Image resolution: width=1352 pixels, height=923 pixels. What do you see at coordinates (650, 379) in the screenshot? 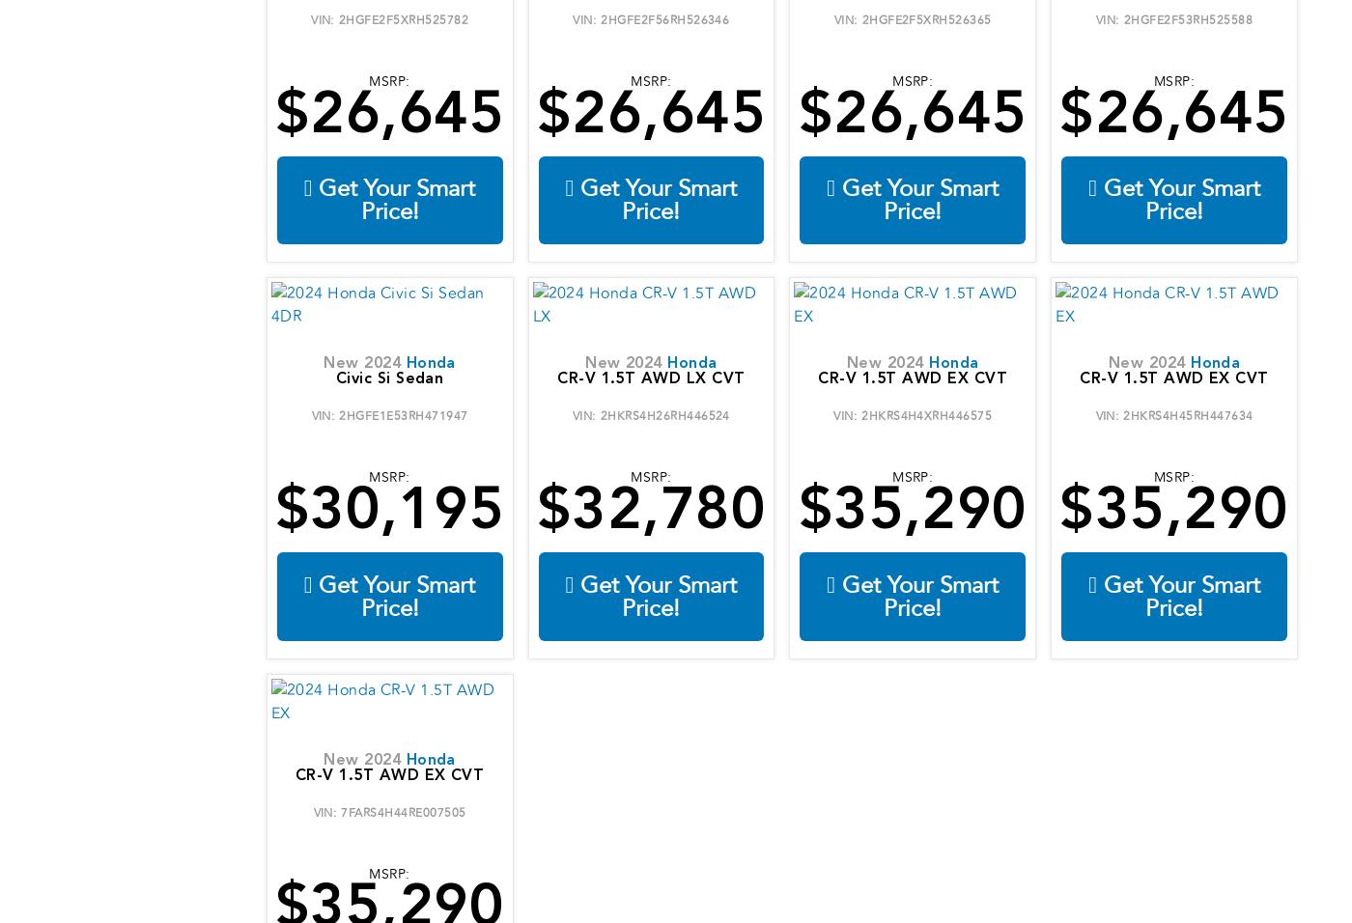
I see `'CR-V  1.5T AWD LX CVT'` at bounding box center [650, 379].